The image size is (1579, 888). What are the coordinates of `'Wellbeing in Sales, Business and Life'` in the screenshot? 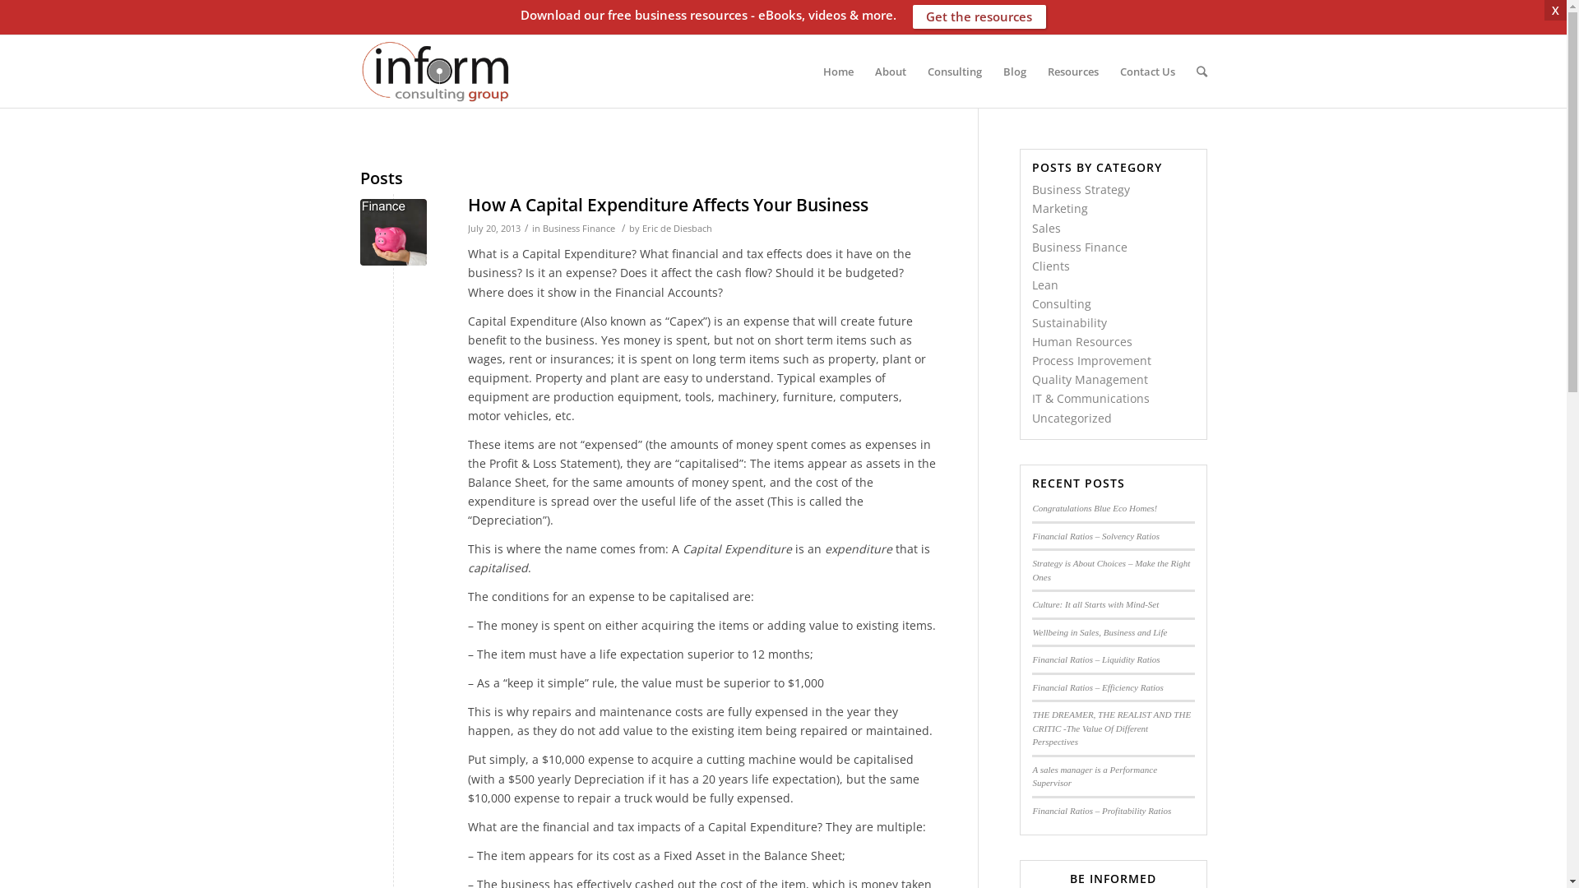 It's located at (1100, 630).